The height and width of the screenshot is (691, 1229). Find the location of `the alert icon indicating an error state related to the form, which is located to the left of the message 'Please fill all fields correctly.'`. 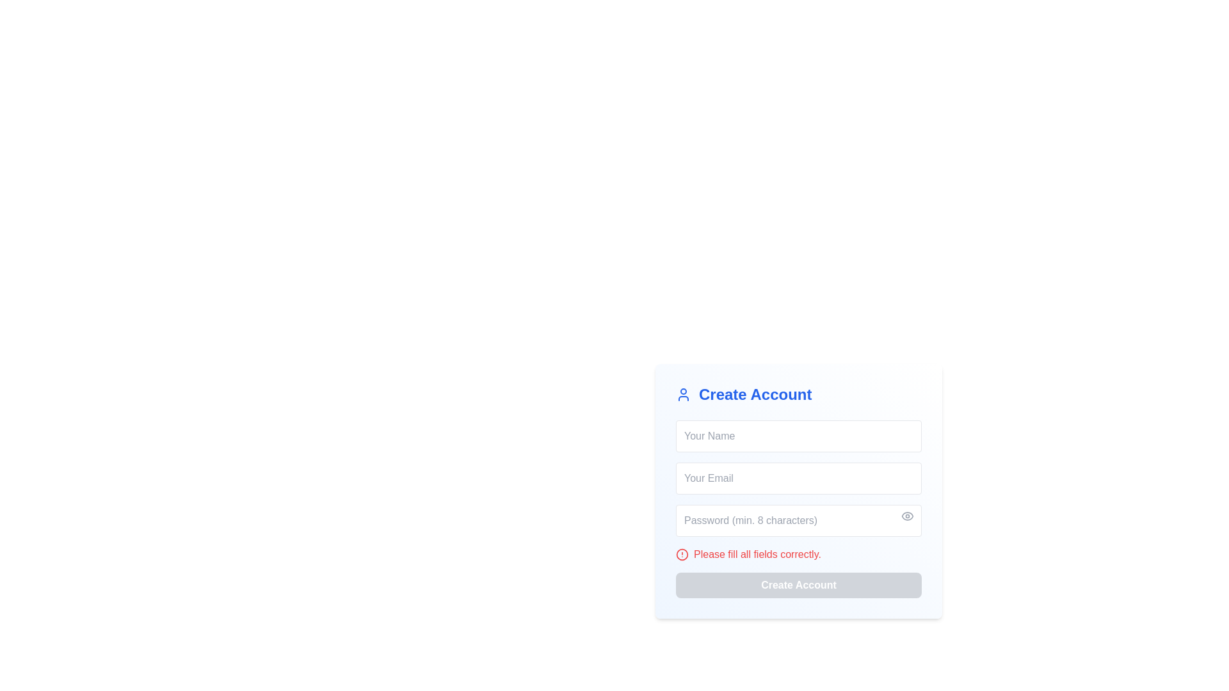

the alert icon indicating an error state related to the form, which is located to the left of the message 'Please fill all fields correctly.' is located at coordinates (681, 554).